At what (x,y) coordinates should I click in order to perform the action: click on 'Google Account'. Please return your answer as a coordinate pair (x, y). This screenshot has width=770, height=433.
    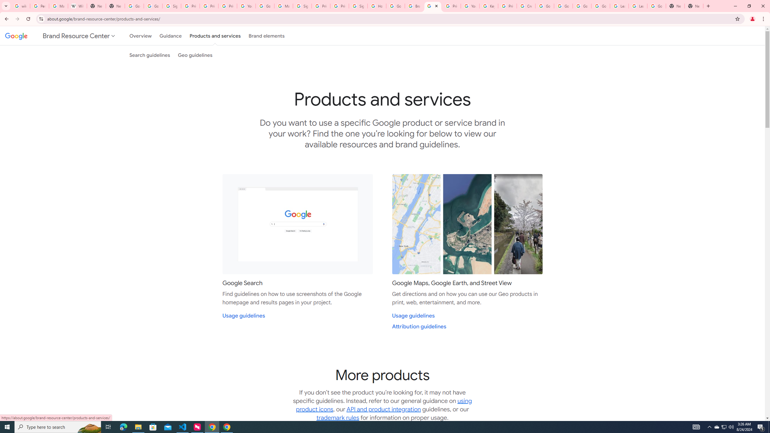
    Looking at the image, I should click on (656, 6).